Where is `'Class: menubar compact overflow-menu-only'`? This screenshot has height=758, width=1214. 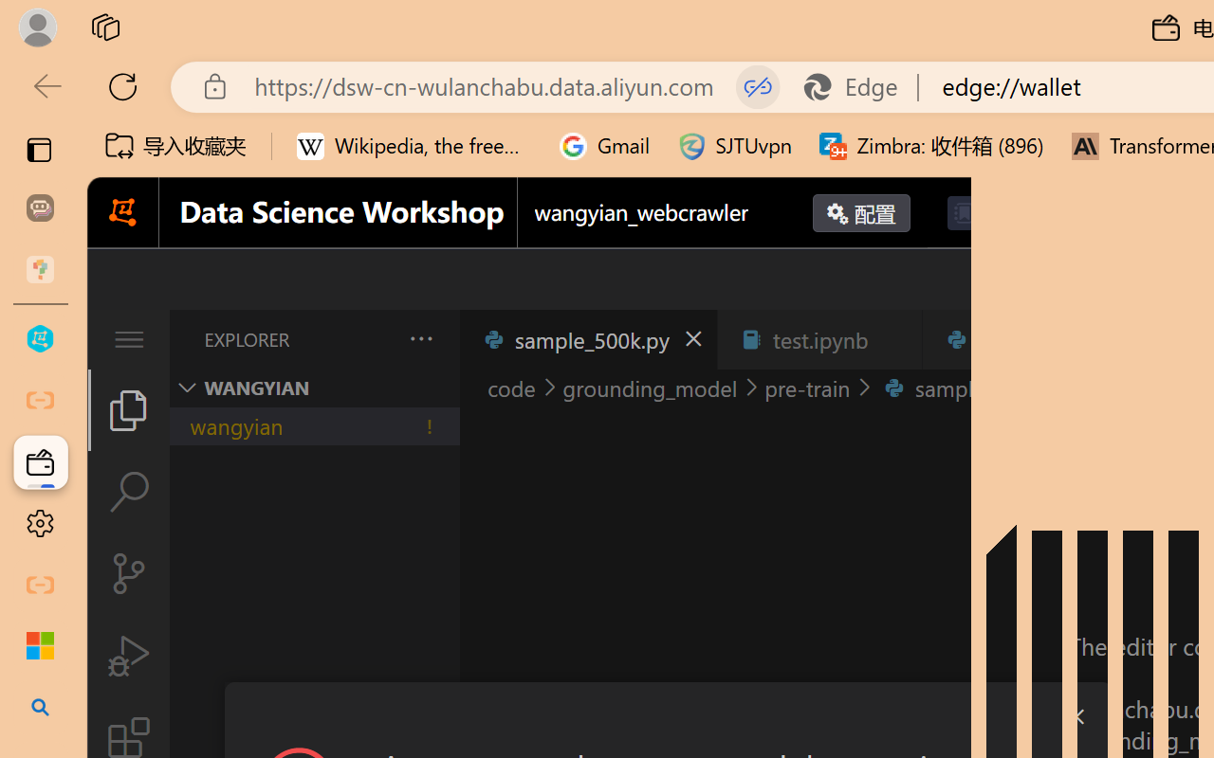
'Class: menubar compact overflow-menu-only' is located at coordinates (127, 339).